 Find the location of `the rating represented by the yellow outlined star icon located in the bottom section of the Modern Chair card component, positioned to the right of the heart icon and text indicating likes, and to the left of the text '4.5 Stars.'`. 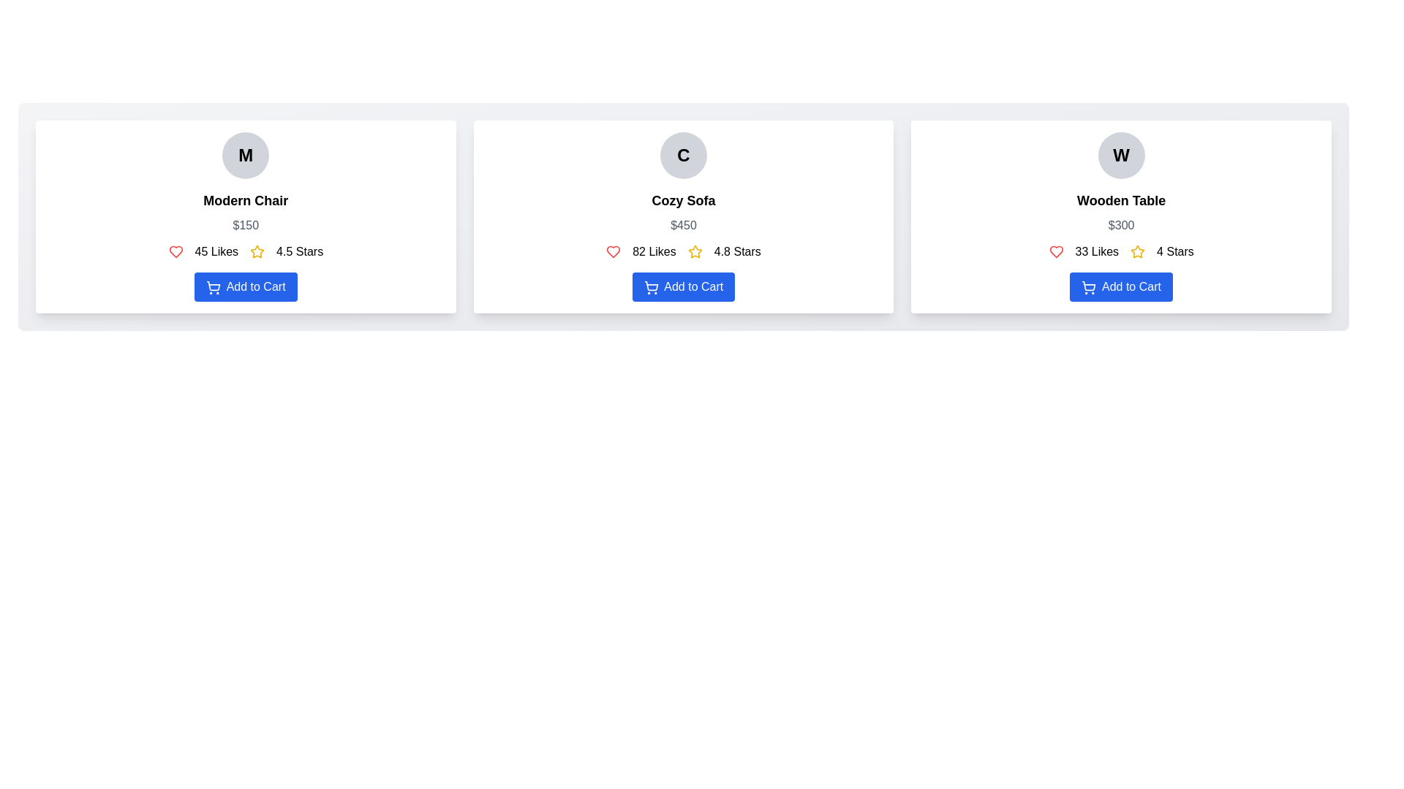

the rating represented by the yellow outlined star icon located in the bottom section of the Modern Chair card component, positioned to the right of the heart icon and text indicating likes, and to the left of the text '4.5 Stars.' is located at coordinates (257, 251).